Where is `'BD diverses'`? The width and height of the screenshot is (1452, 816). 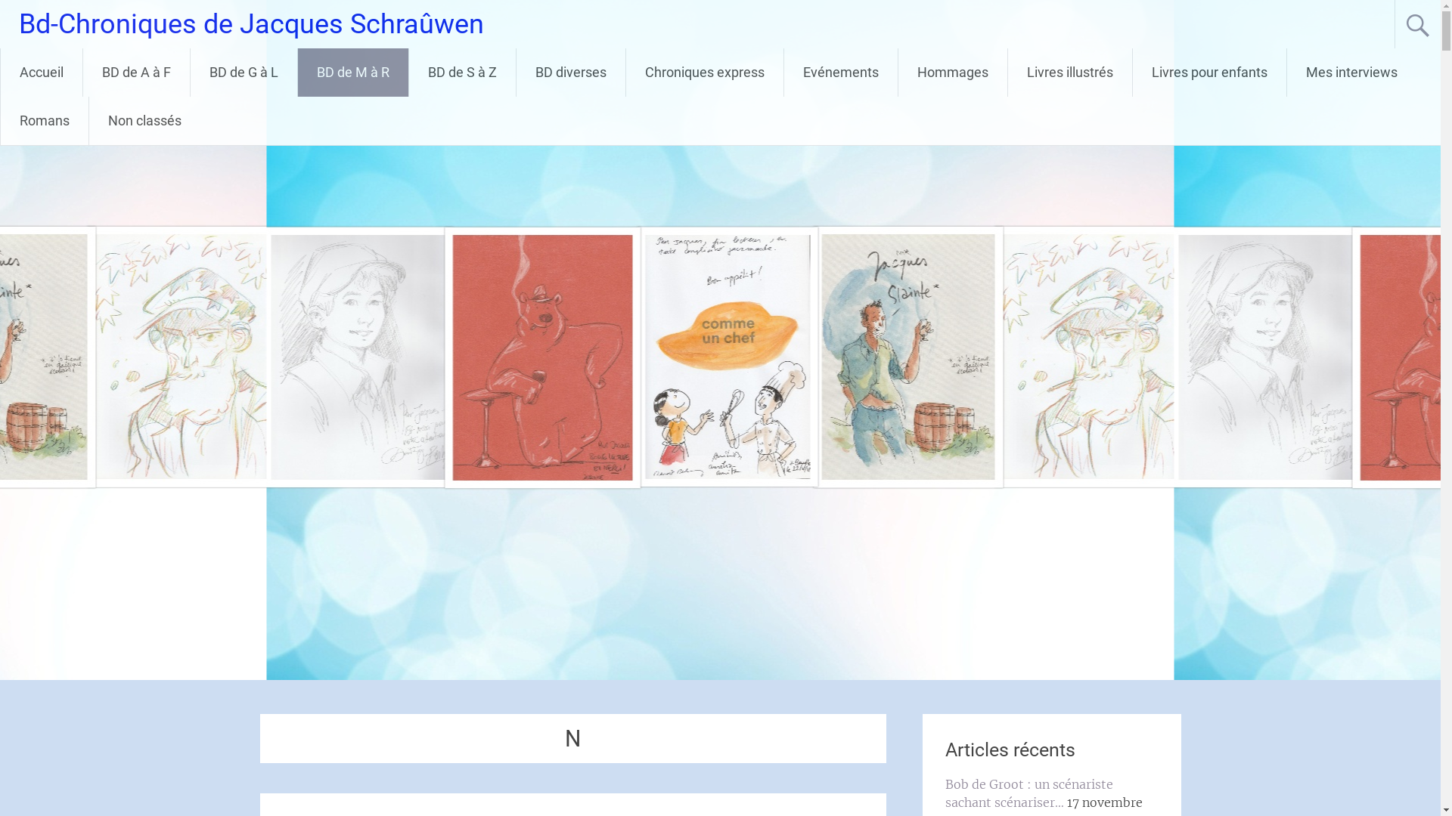
'BD diverses' is located at coordinates (569, 73).